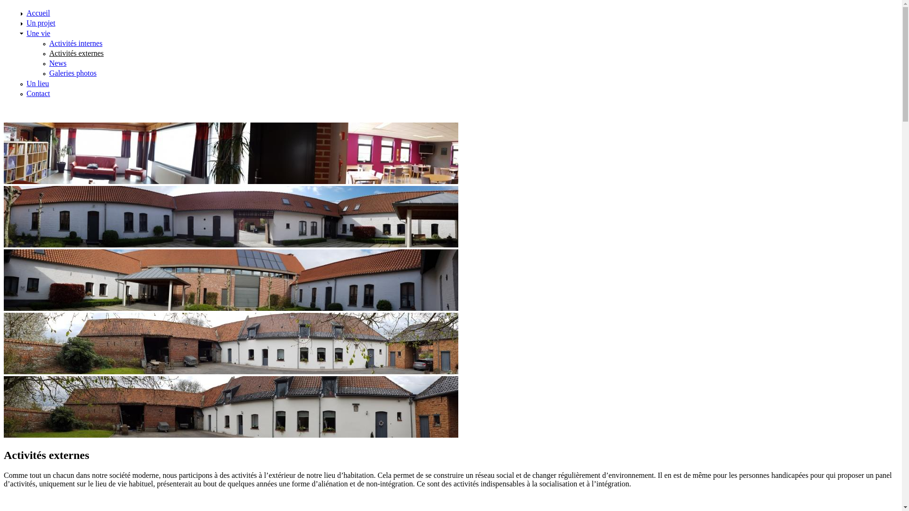  Describe the element at coordinates (38, 33) in the screenshot. I see `'Une vie'` at that location.